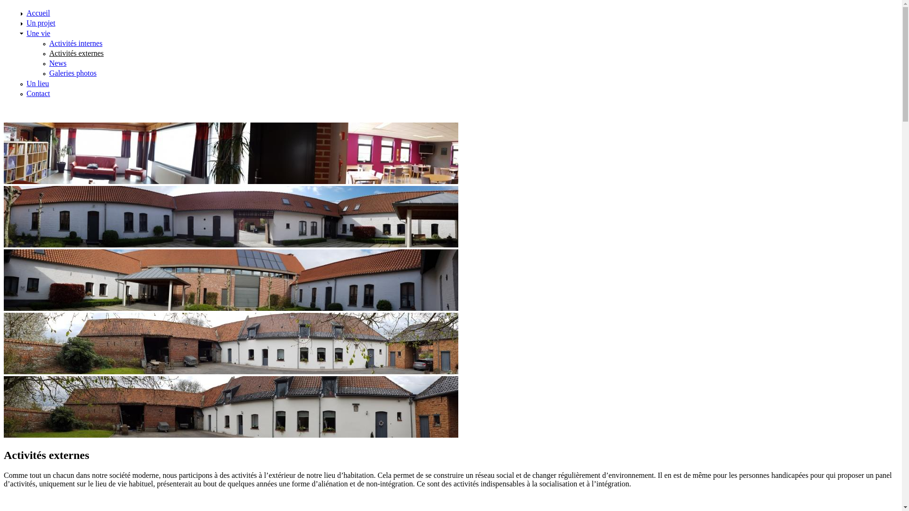  Describe the element at coordinates (38, 33) in the screenshot. I see `'Une vie'` at that location.